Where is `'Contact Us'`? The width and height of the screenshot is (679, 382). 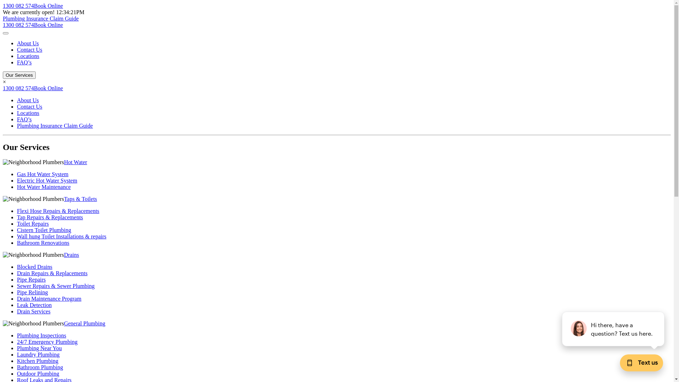
'Contact Us' is located at coordinates (29, 49).